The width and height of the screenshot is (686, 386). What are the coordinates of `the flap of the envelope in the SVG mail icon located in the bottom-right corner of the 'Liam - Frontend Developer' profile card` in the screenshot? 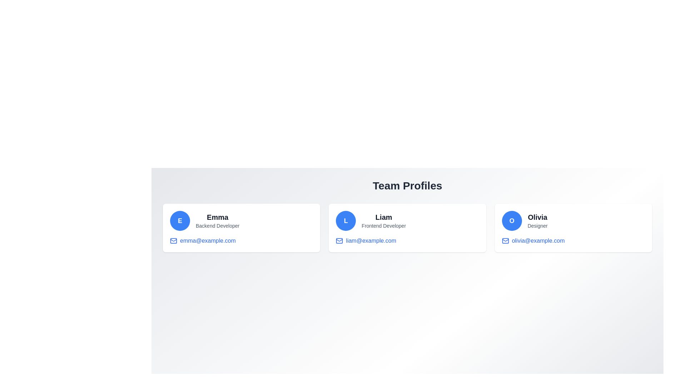 It's located at (339, 240).